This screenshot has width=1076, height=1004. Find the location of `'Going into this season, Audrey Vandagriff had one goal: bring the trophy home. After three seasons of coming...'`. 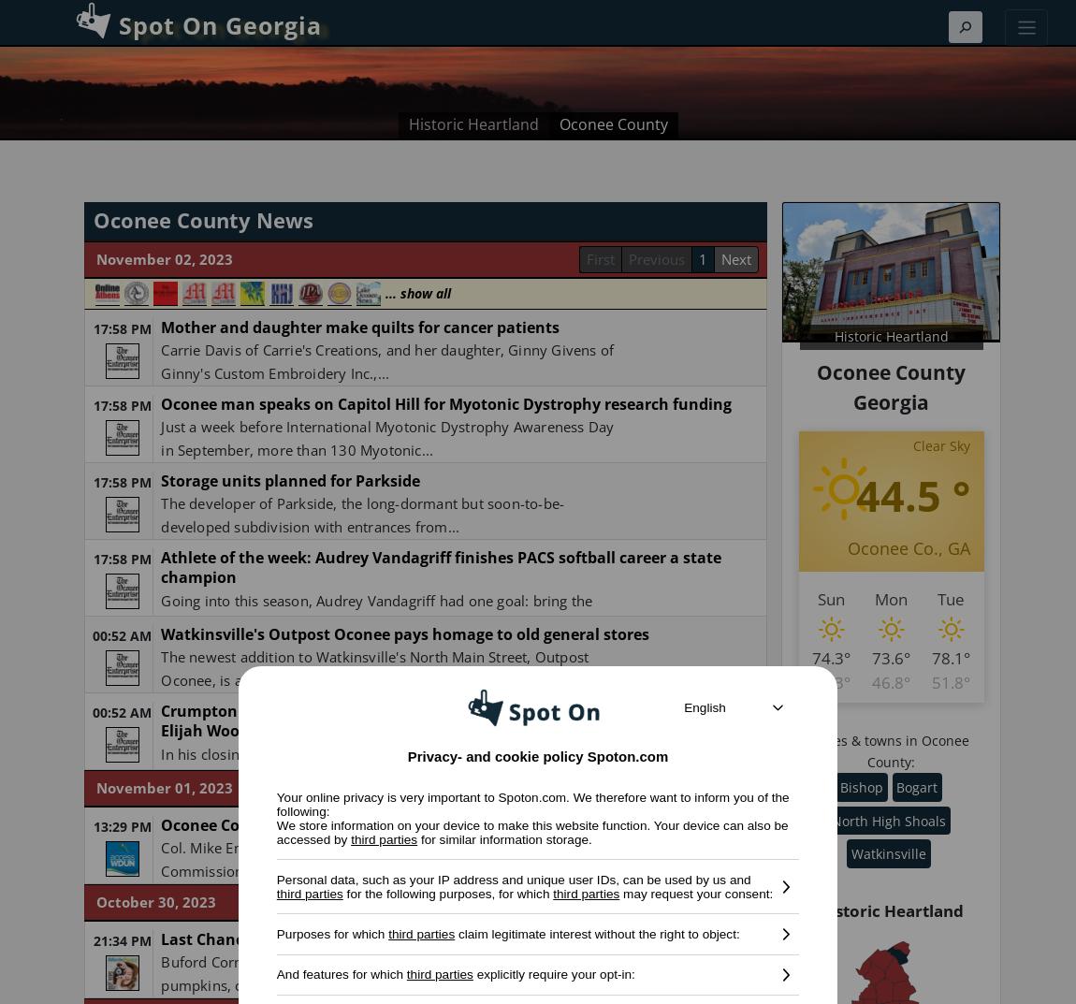

'Going into this season, Audrey Vandagriff had one goal: bring the trophy home. After three seasons of coming...' is located at coordinates (376, 610).